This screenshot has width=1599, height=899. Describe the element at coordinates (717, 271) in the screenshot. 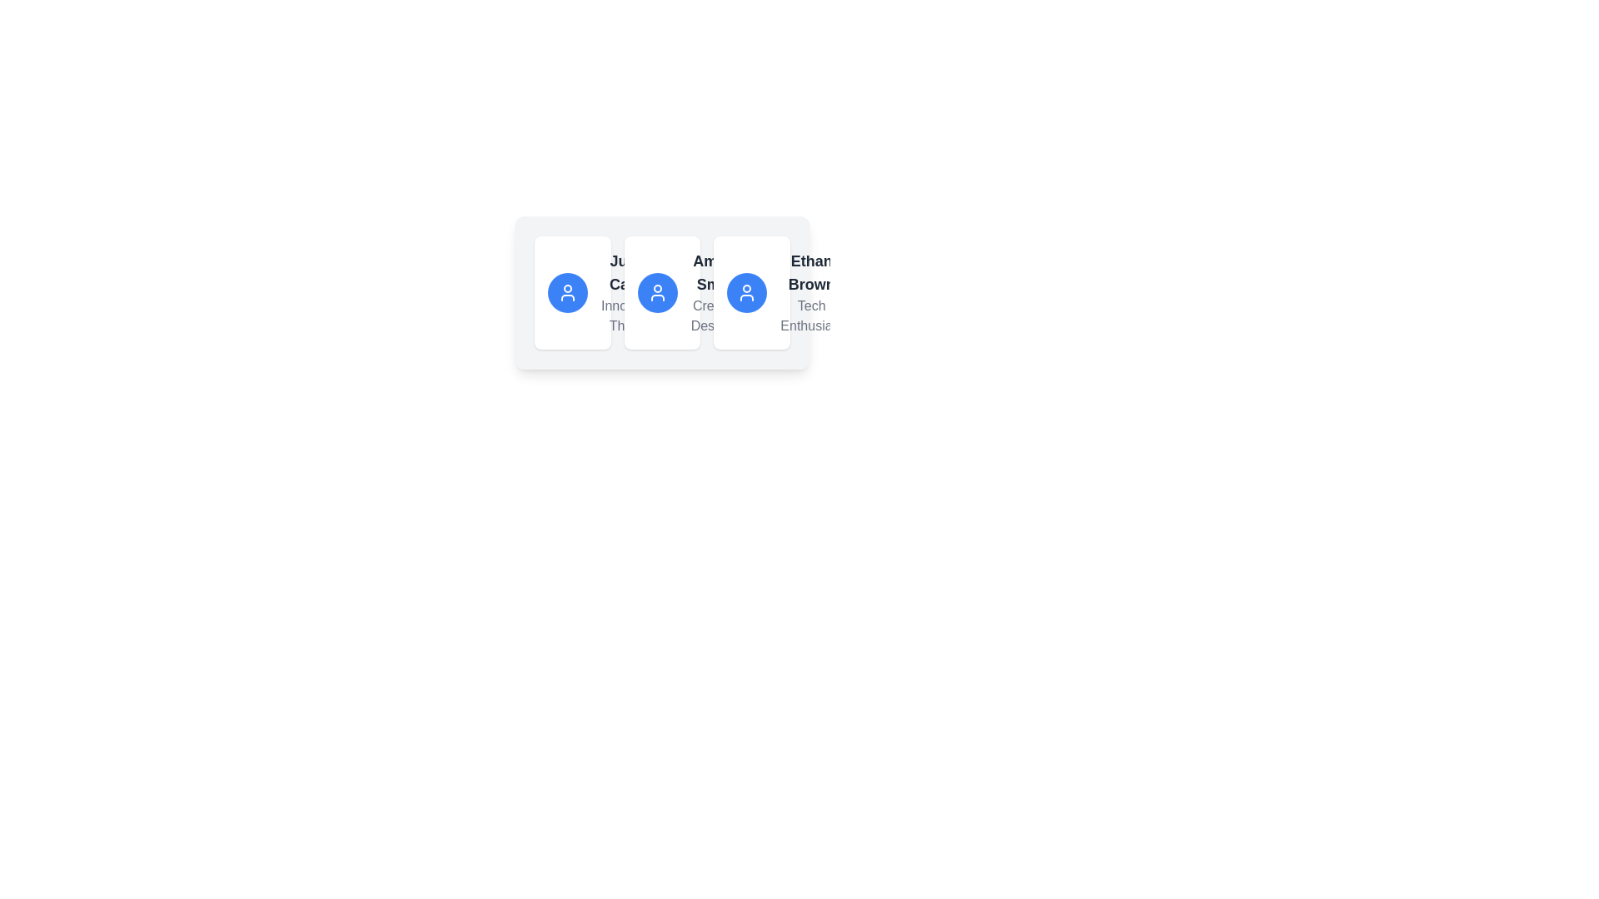

I see `text label that identifies the person as 'Amelia Smith', located at the top of the second card from the left in the layout` at that location.